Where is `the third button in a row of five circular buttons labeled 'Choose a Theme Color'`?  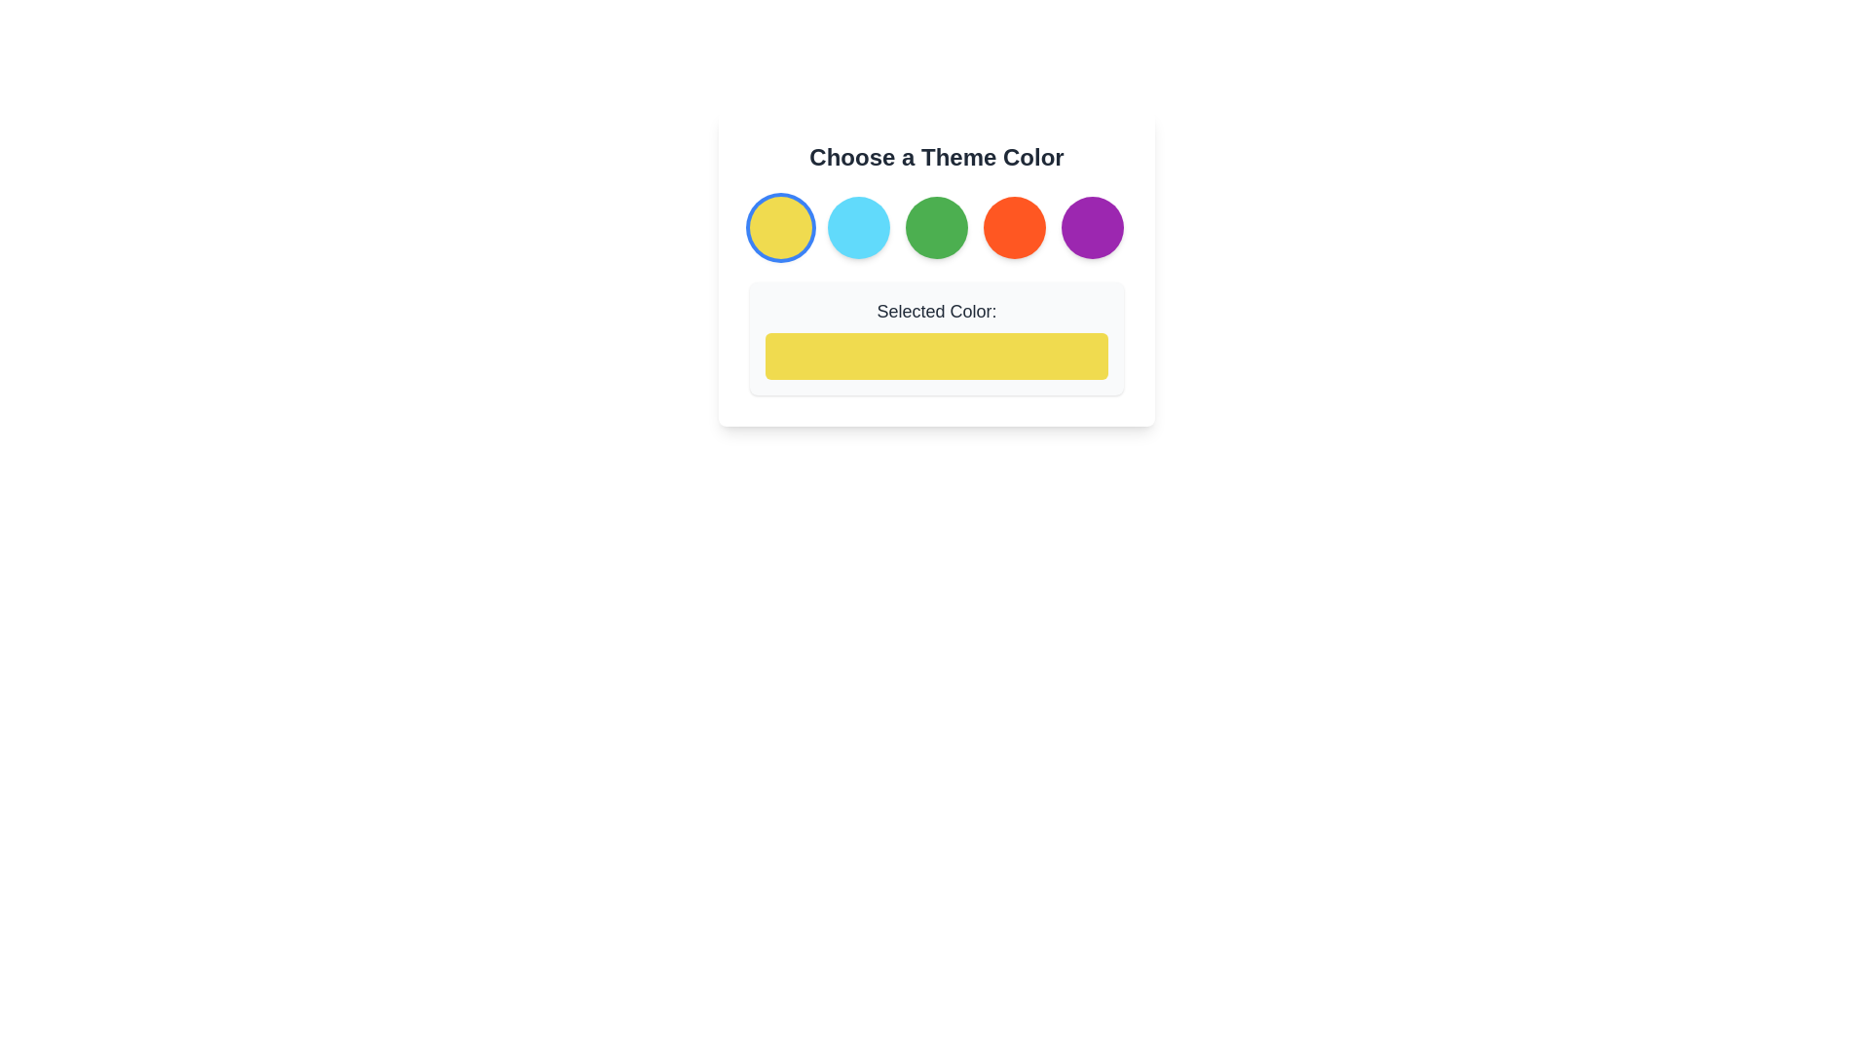
the third button in a row of five circular buttons labeled 'Choose a Theme Color' is located at coordinates (936, 227).